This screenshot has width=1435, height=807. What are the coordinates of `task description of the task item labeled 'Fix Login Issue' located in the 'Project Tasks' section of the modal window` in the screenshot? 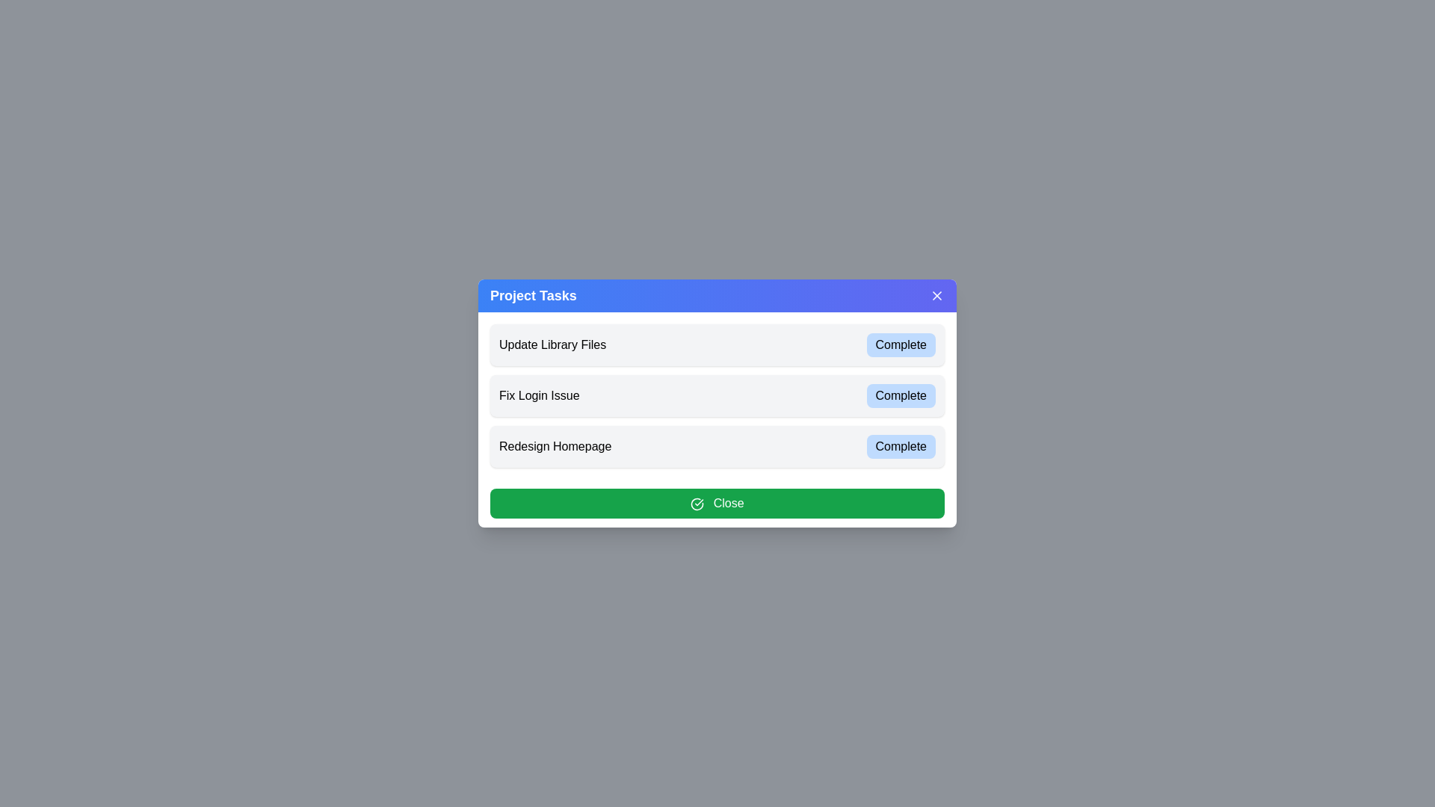 It's located at (717, 403).